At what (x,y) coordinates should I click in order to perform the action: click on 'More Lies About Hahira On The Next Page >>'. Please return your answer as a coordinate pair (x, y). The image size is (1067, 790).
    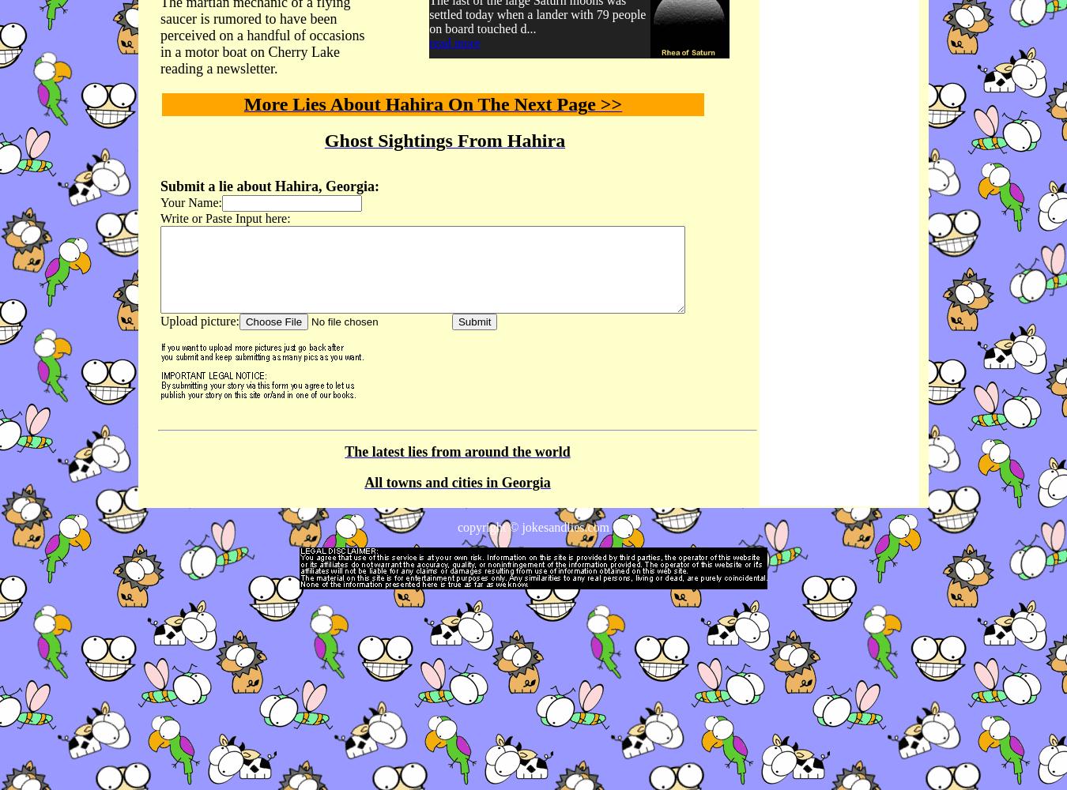
    Looking at the image, I should click on (432, 104).